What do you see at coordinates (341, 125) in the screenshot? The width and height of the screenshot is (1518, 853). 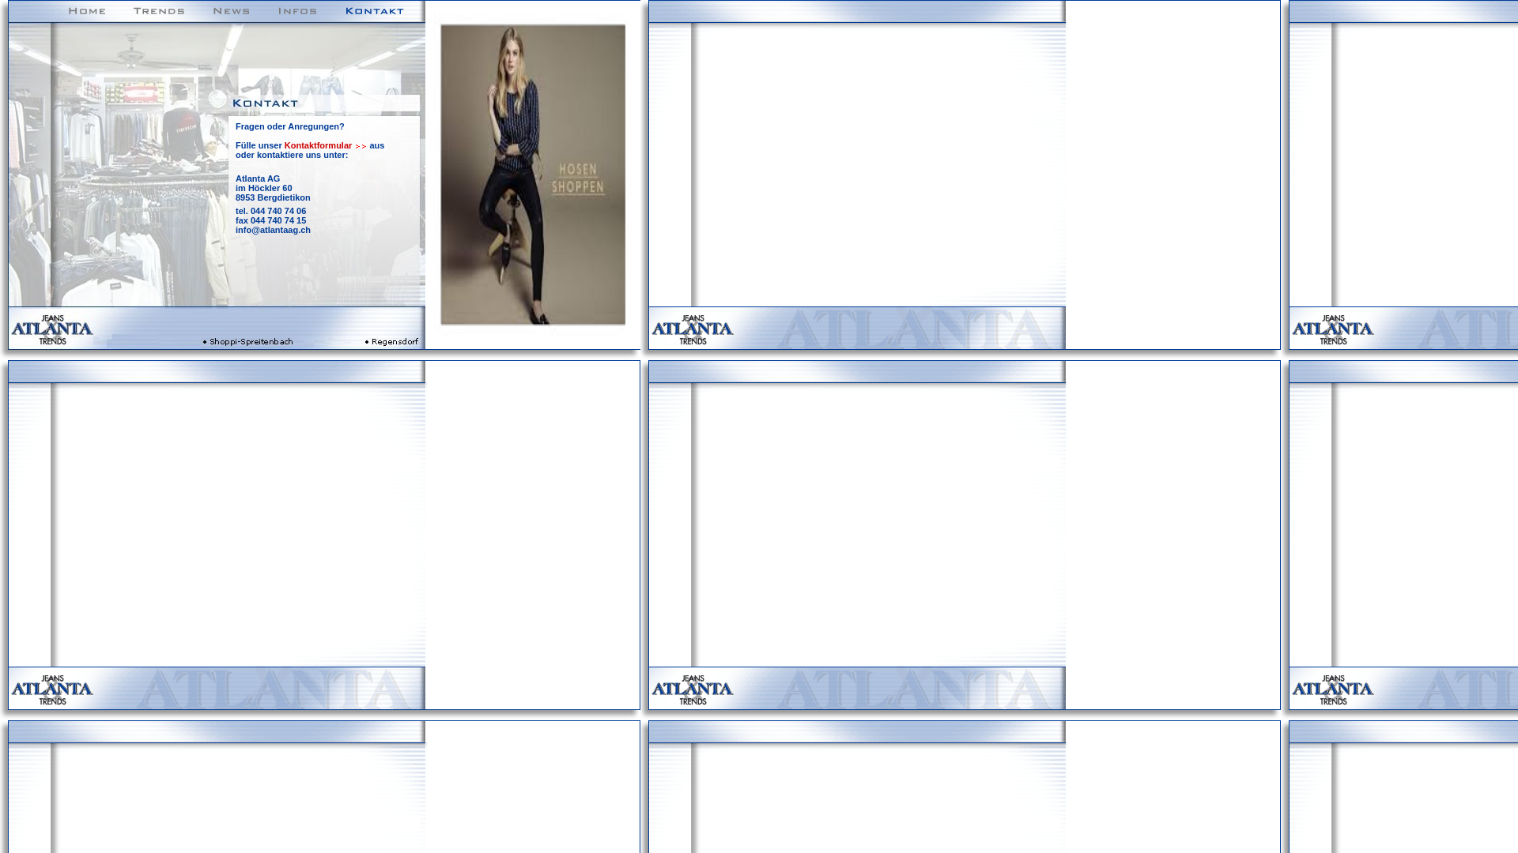 I see `'?'` at bounding box center [341, 125].